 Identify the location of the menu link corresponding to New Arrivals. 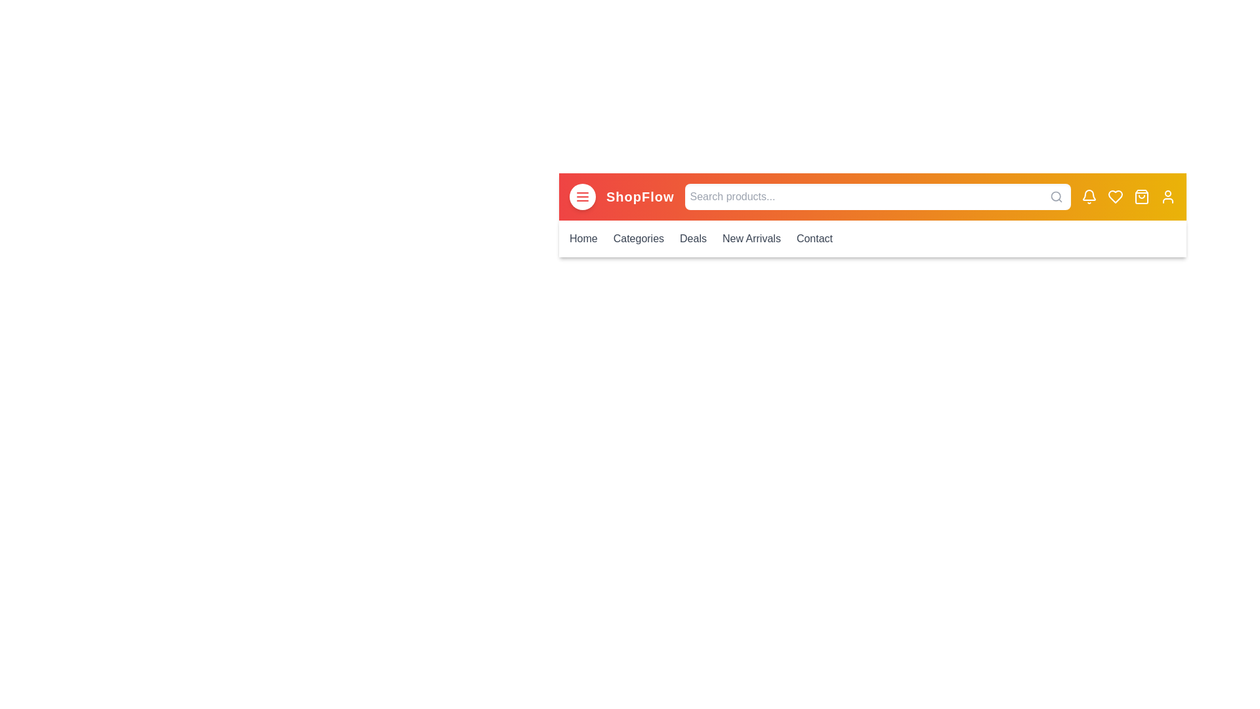
(751, 238).